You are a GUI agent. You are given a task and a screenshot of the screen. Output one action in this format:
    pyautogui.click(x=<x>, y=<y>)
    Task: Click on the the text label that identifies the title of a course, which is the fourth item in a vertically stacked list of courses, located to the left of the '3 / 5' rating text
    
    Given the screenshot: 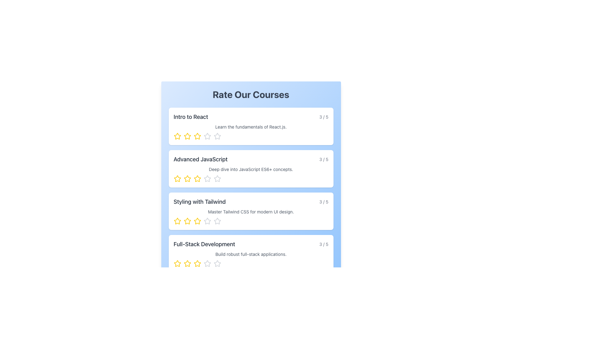 What is the action you would take?
    pyautogui.click(x=204, y=244)
    